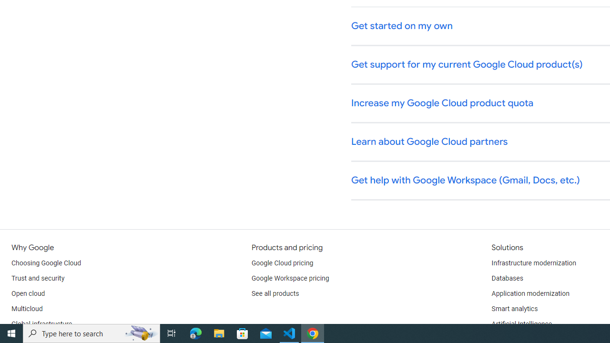 This screenshot has height=343, width=610. Describe the element at coordinates (290, 279) in the screenshot. I see `'Google Workspace pricing'` at that location.